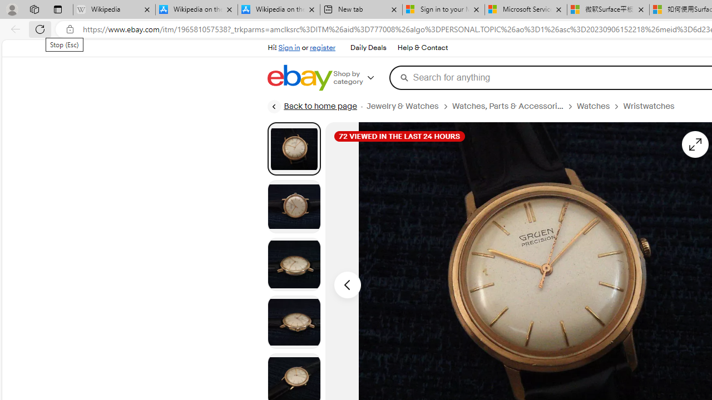  Describe the element at coordinates (114, 9) in the screenshot. I see `'Wikipedia - Sleeping'` at that location.